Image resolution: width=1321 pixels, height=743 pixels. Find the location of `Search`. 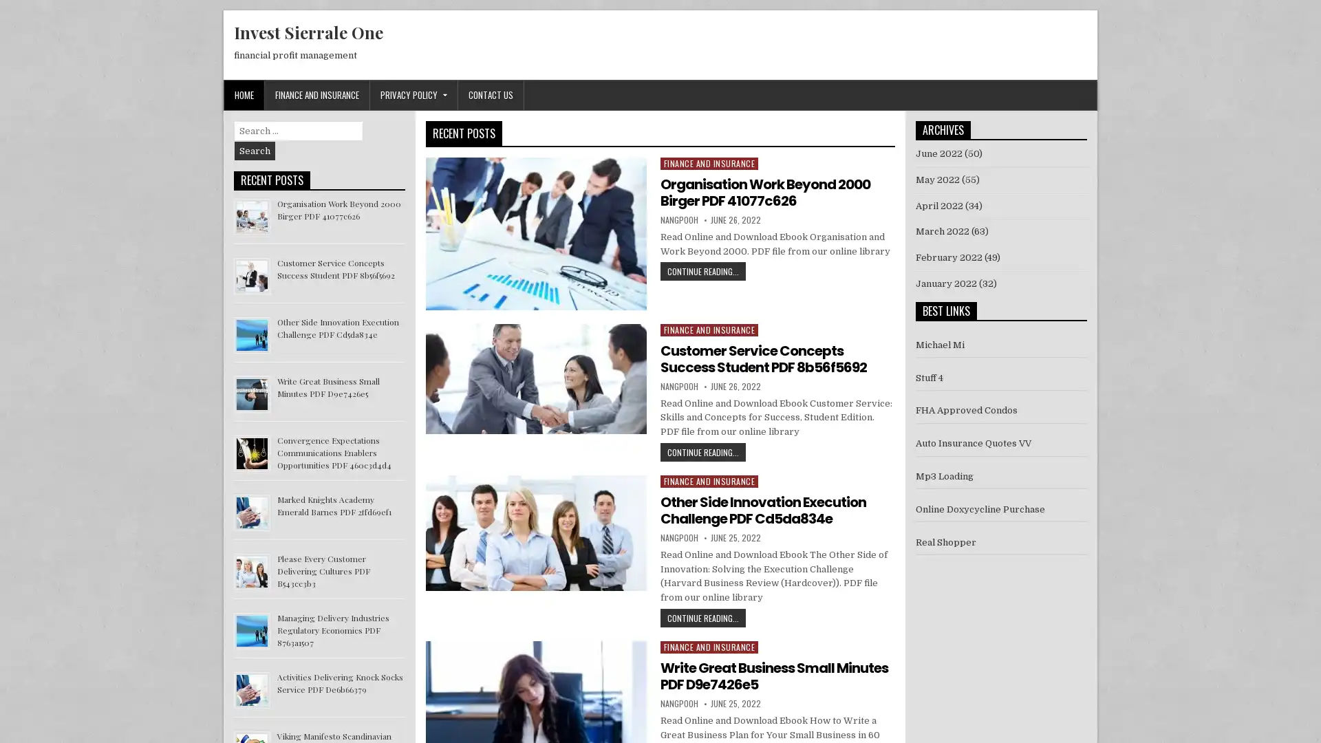

Search is located at coordinates (255, 151).